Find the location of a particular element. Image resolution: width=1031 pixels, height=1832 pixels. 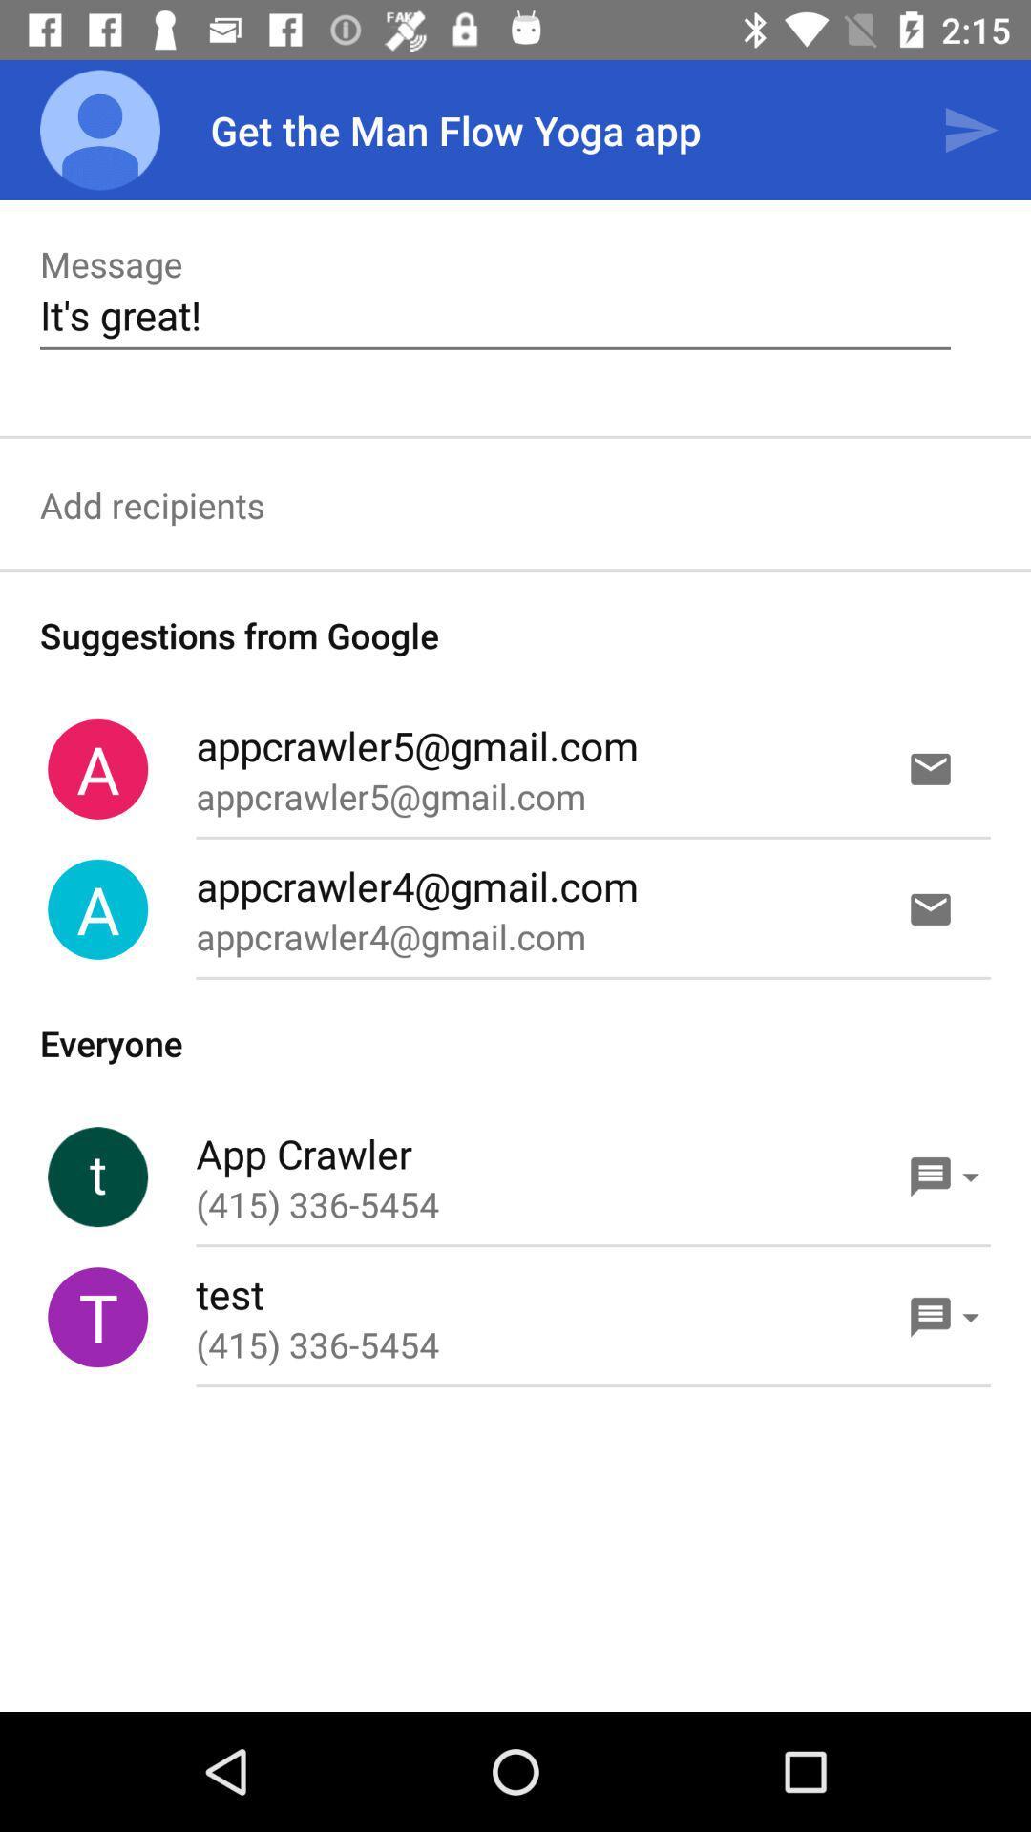

the app next to get the man item is located at coordinates (99, 129).